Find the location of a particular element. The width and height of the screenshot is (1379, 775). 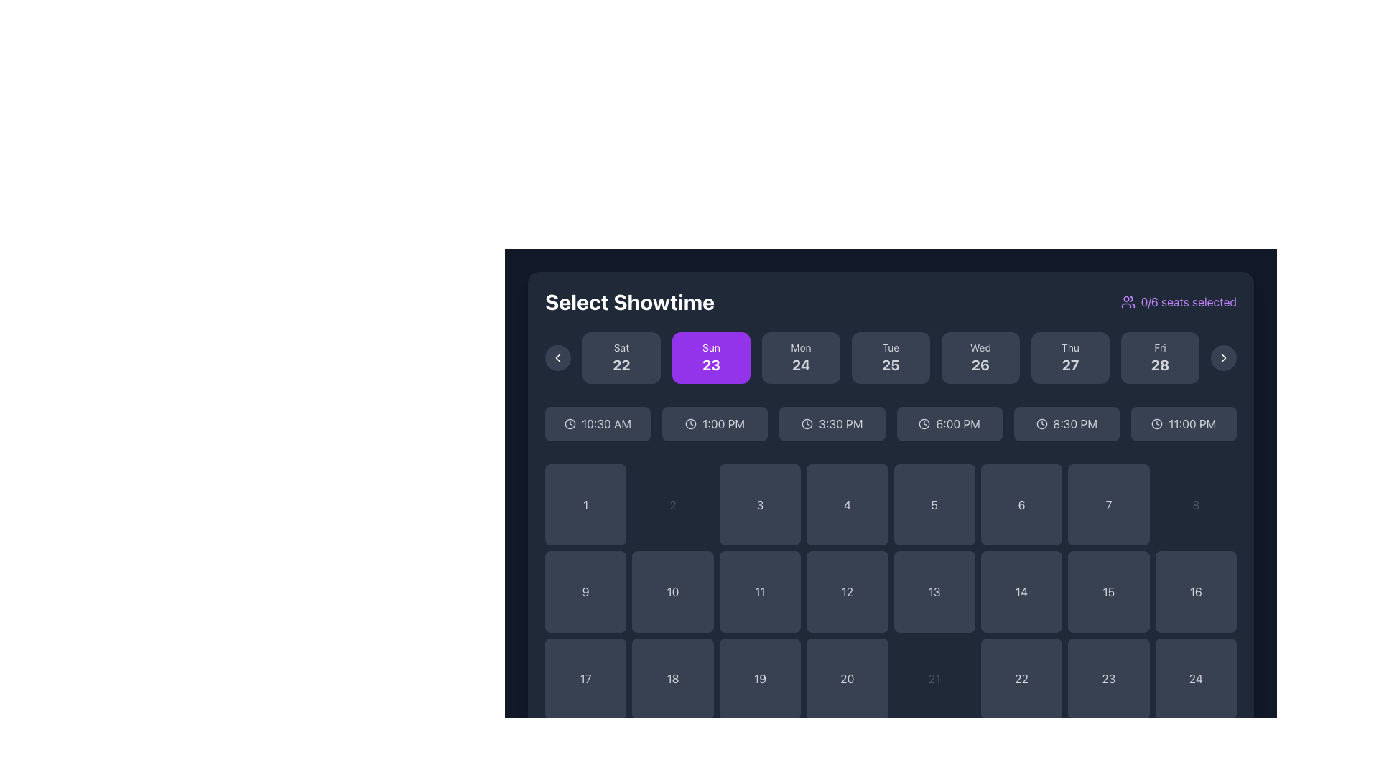

the circular clock icon outlined in light gray, which is located to the left of the text '3:30 PM' in the time selection button is located at coordinates (807, 423).